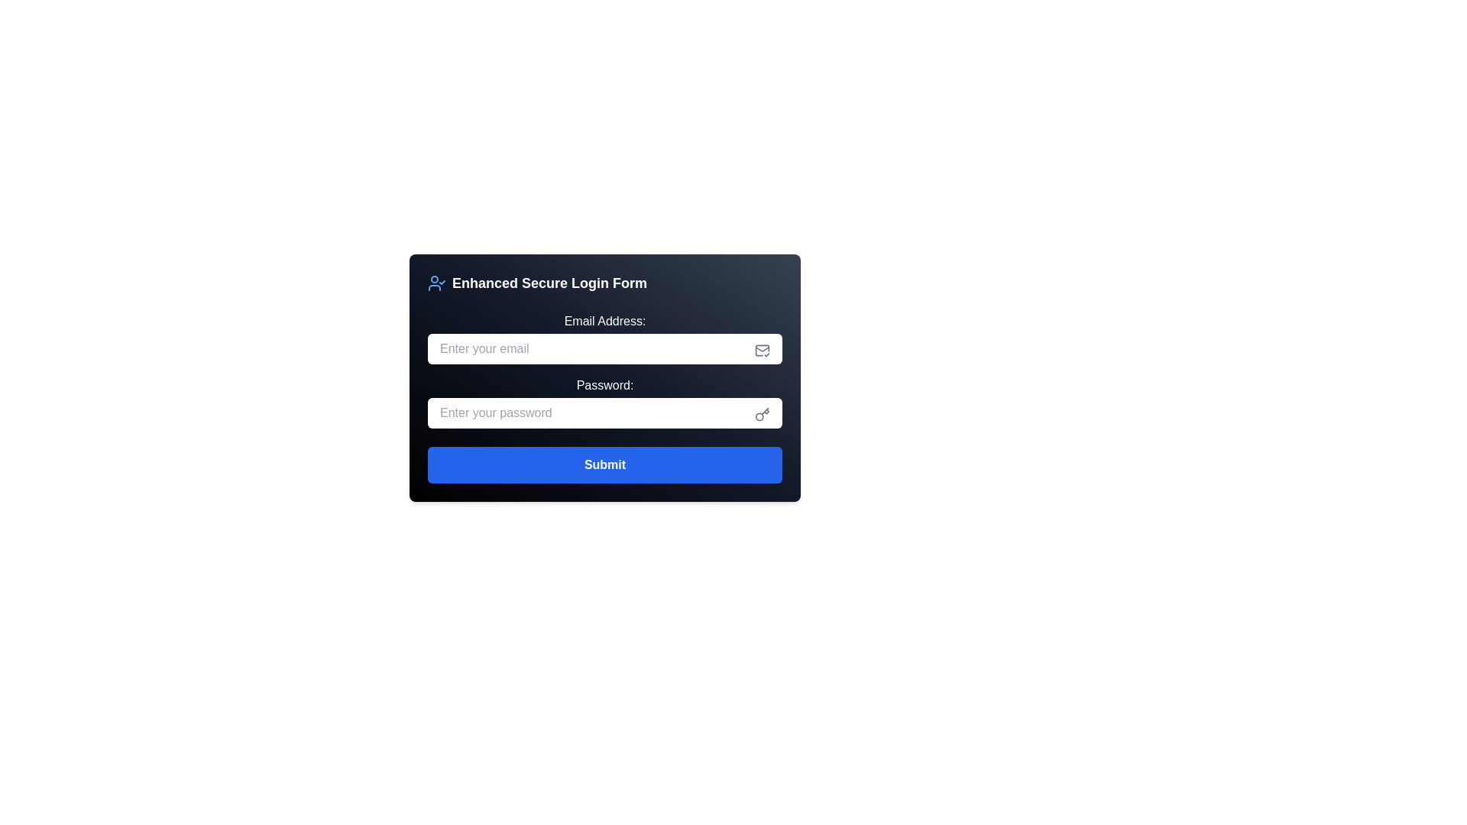 The image size is (1467, 825). I want to click on the small circle SVG element that is part of the key icon located to the right of the 'Password' field, so click(759, 416).